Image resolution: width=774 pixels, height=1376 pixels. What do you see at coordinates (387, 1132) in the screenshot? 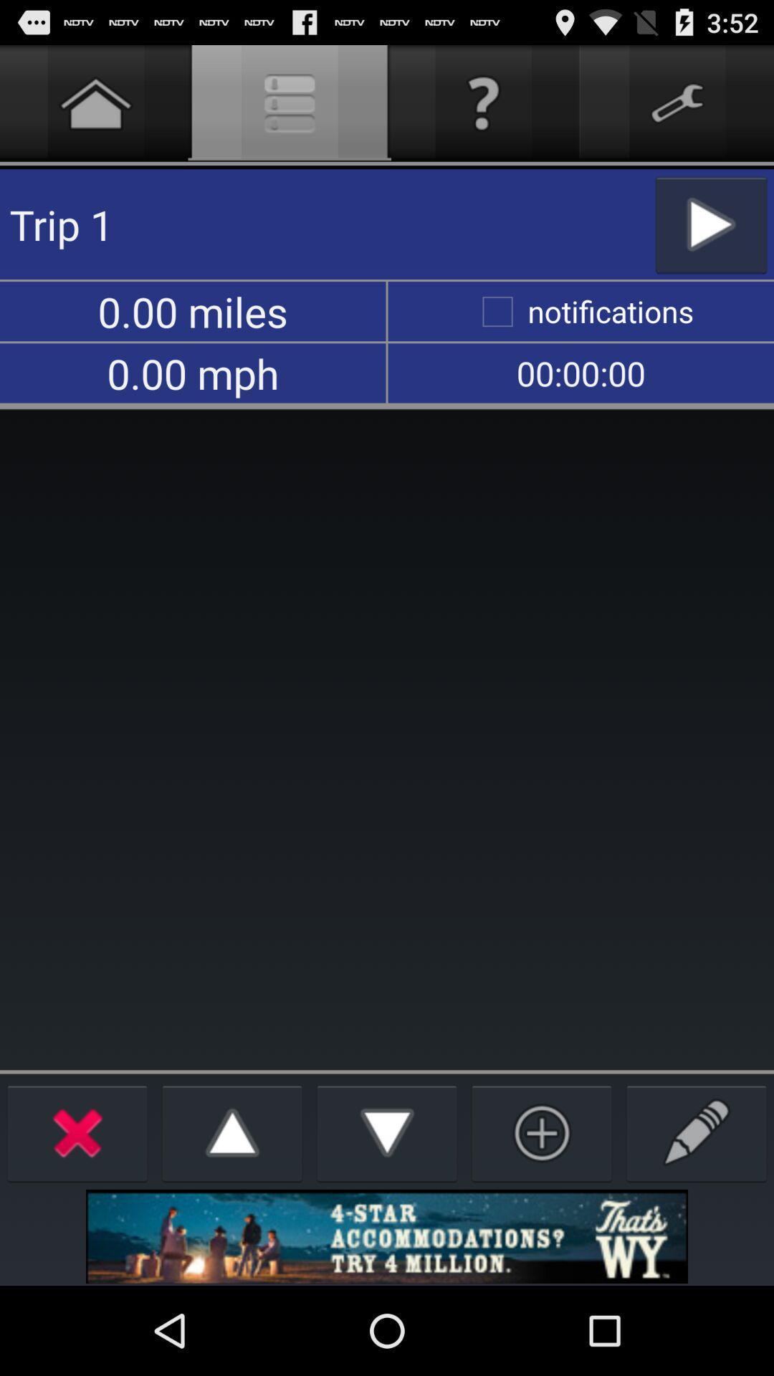
I see `go down` at bounding box center [387, 1132].